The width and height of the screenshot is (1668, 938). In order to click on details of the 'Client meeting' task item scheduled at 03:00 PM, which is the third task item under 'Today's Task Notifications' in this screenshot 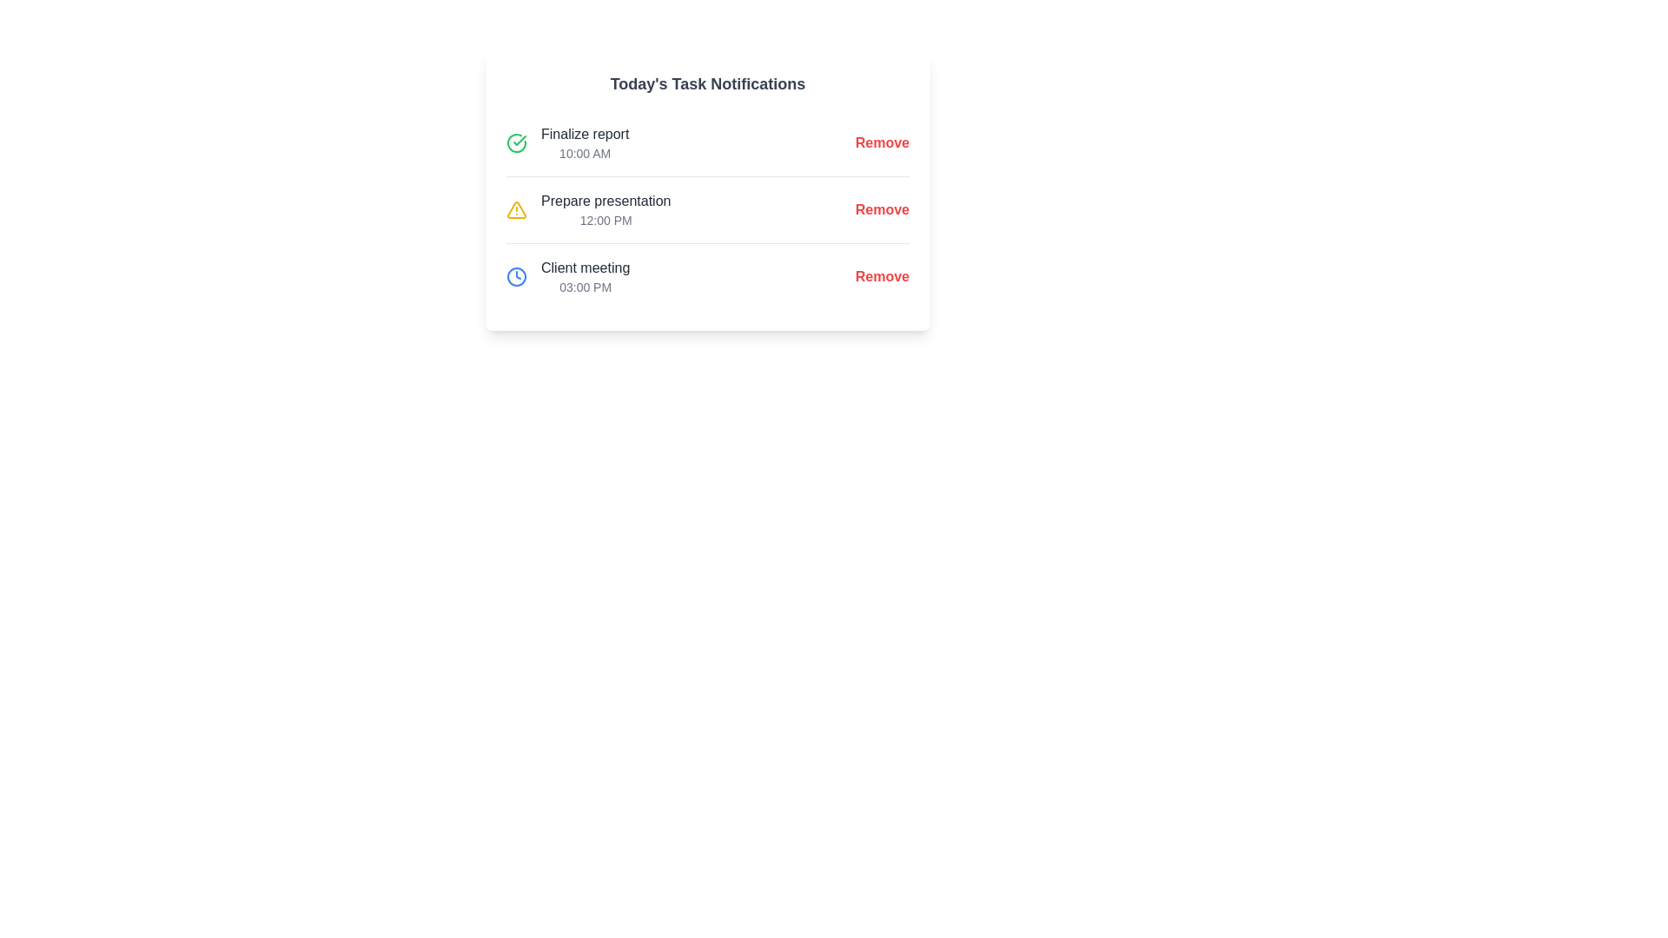, I will do `click(708, 275)`.